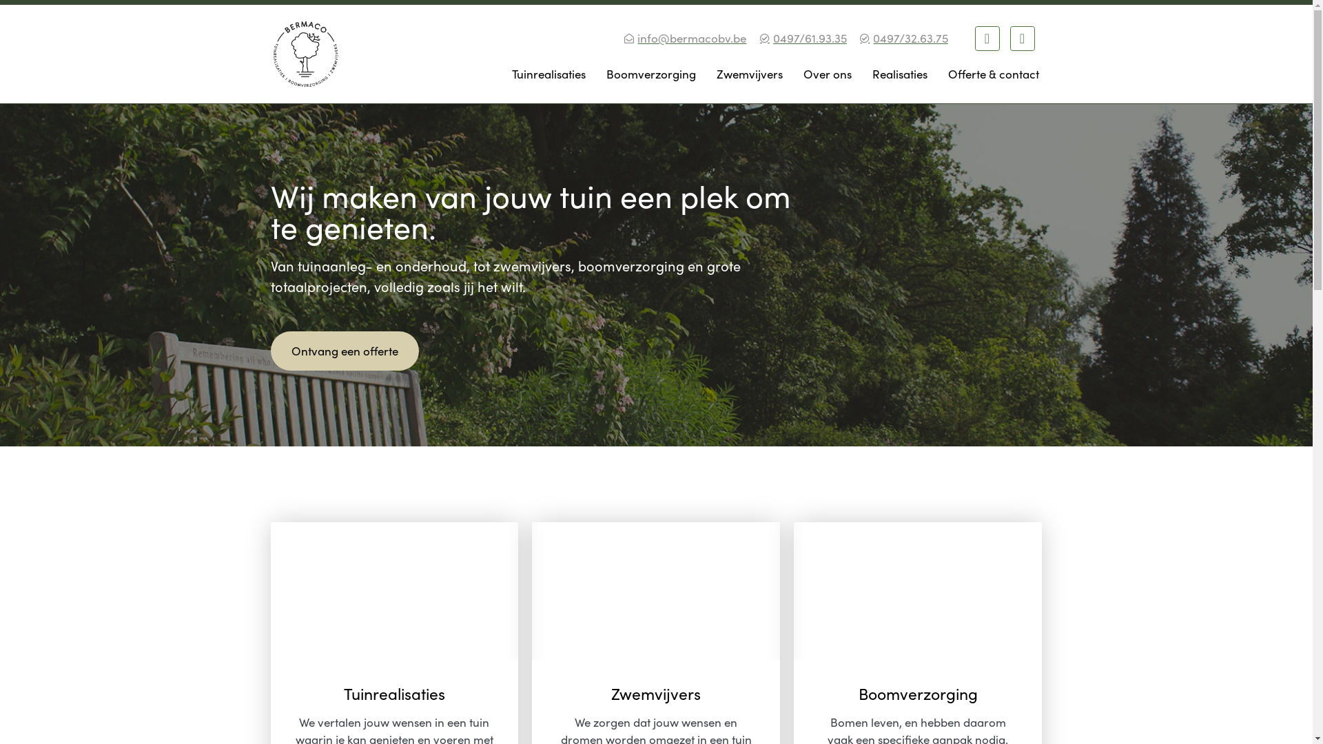 The width and height of the screenshot is (1323, 744). Describe the element at coordinates (827, 74) in the screenshot. I see `'Over ons'` at that location.